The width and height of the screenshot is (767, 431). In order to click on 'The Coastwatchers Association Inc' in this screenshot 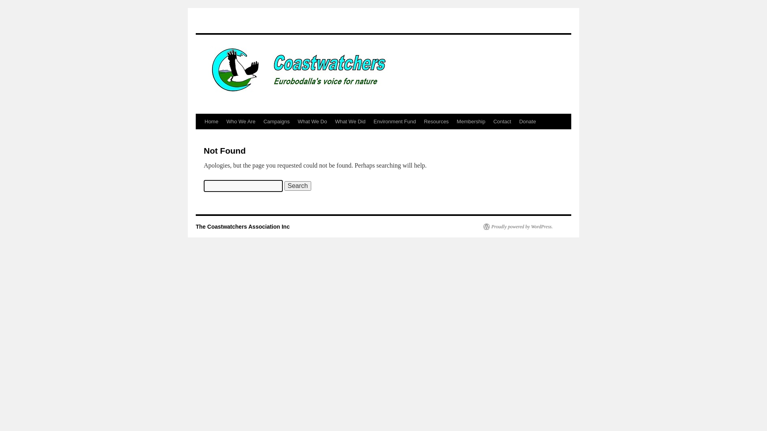, I will do `click(242, 226)`.